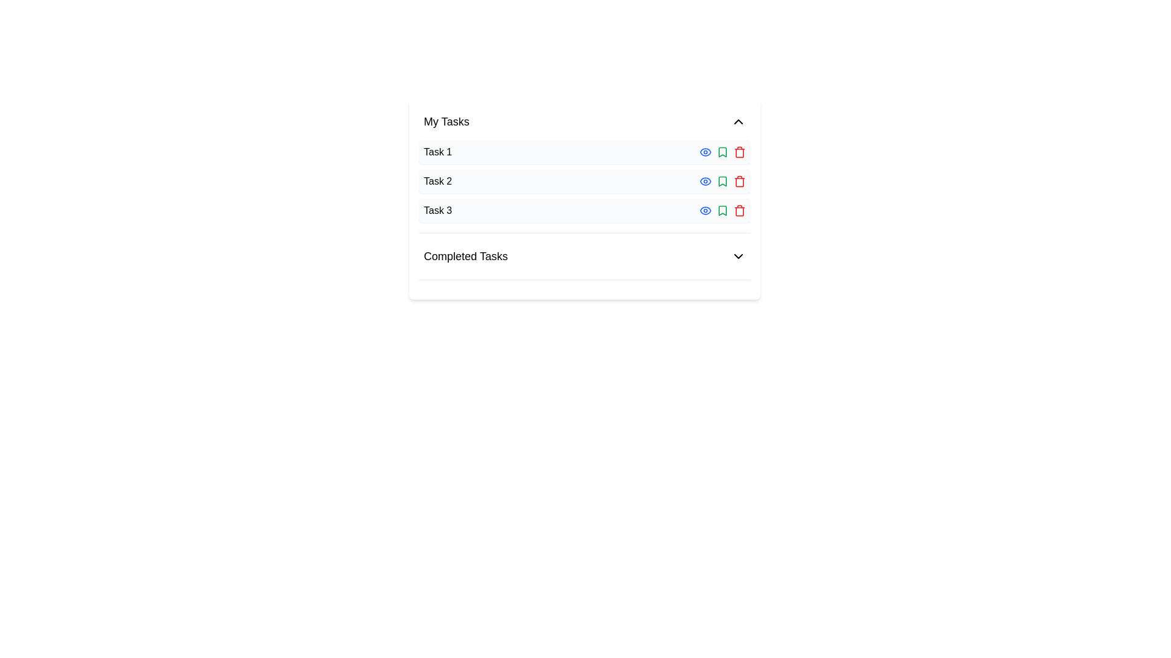 The width and height of the screenshot is (1171, 658). I want to click on the trash icon aligned to the right of 'Task 1', so click(739, 152).